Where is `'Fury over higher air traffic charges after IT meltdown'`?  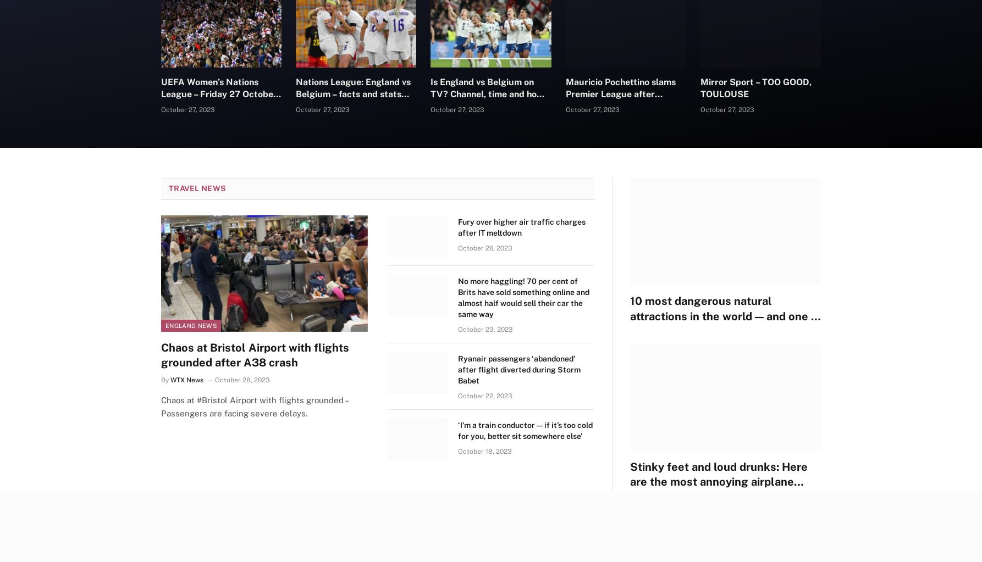 'Fury over higher air traffic charges after IT meltdown' is located at coordinates (522, 227).